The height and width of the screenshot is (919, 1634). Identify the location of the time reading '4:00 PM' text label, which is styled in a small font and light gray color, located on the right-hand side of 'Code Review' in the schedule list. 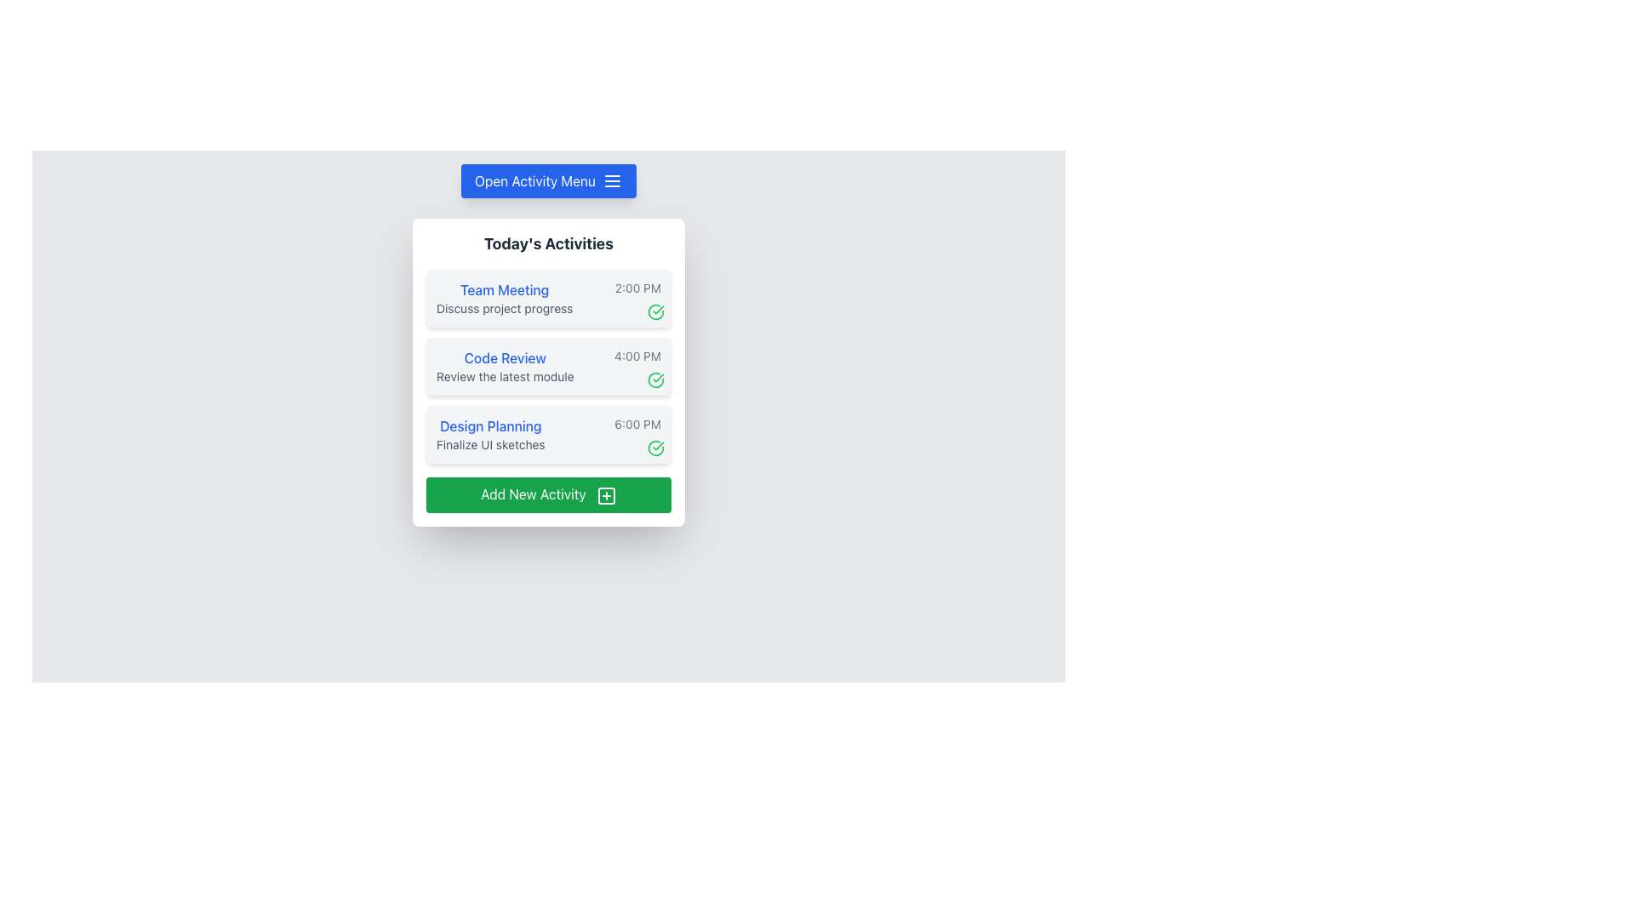
(637, 356).